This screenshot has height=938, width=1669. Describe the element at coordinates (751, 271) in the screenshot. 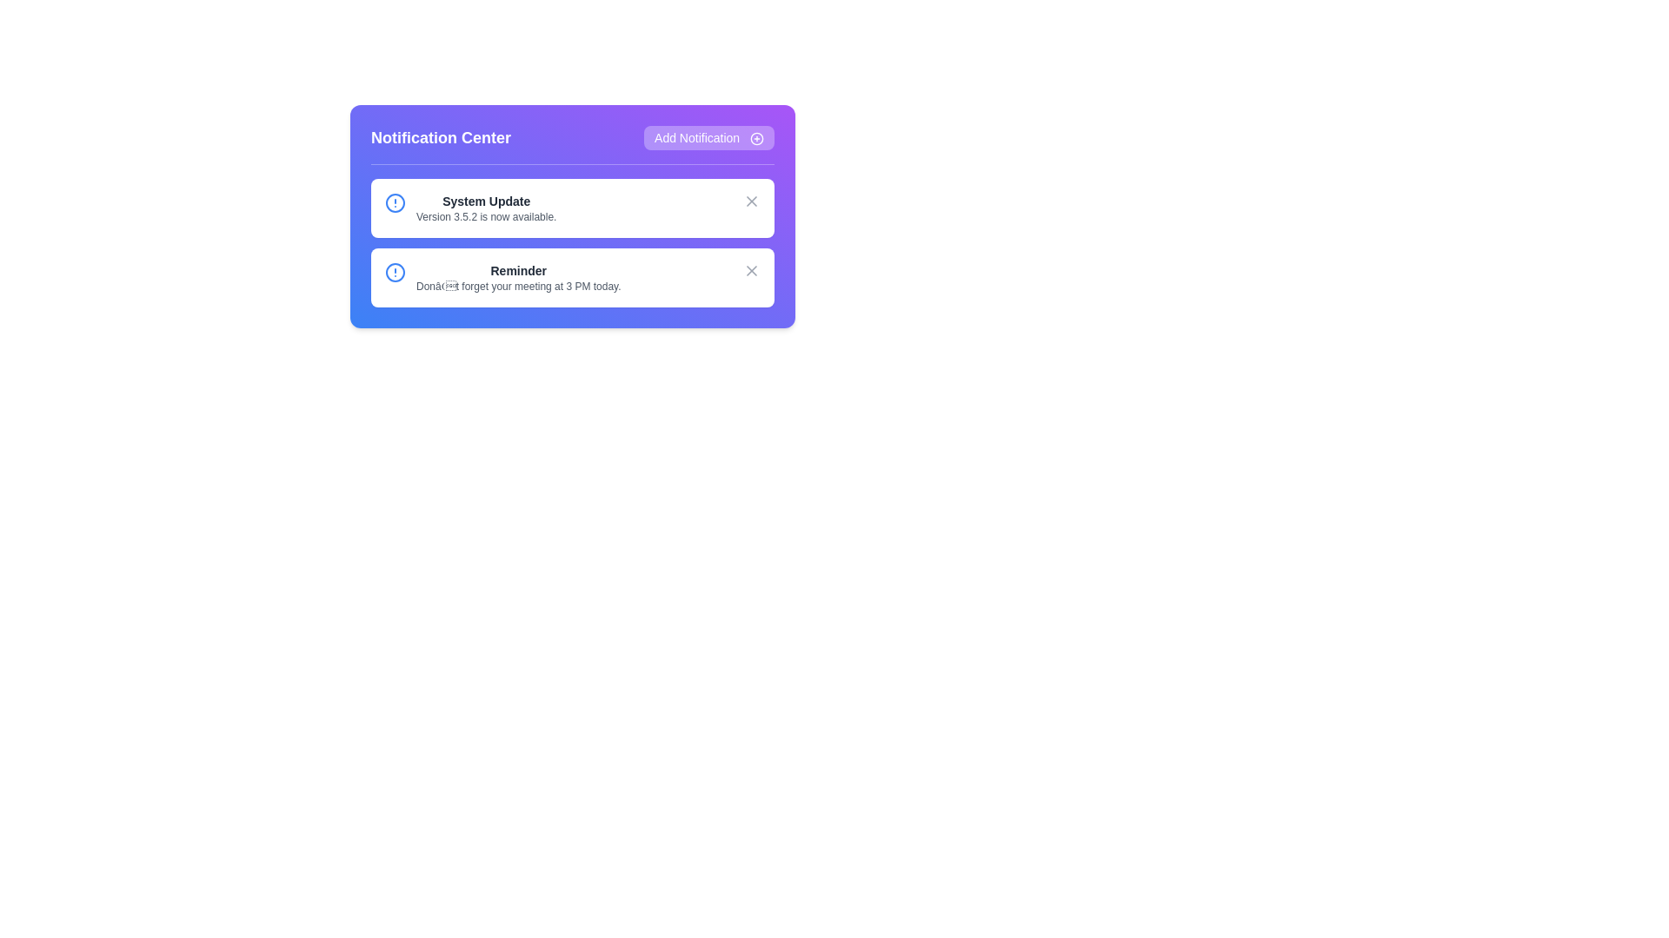

I see `the 'close' icon located in the bottom-right corner of the 'Reminder' notification` at that location.